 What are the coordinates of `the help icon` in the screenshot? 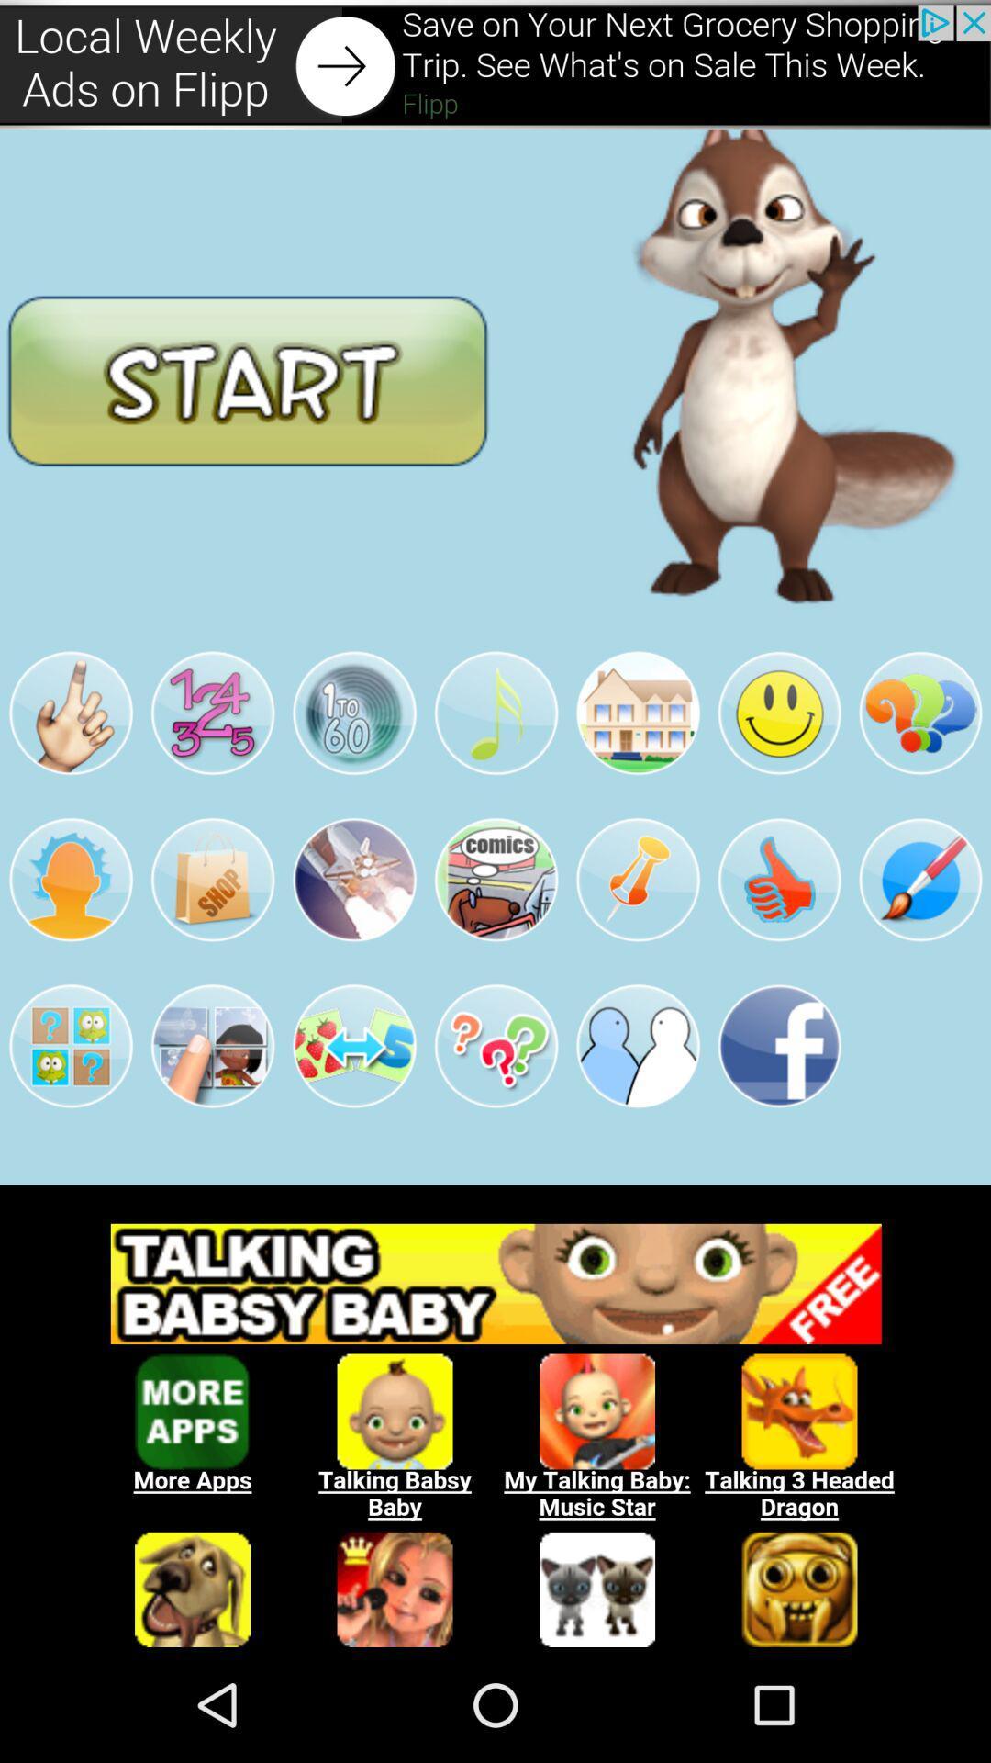 It's located at (920, 763).